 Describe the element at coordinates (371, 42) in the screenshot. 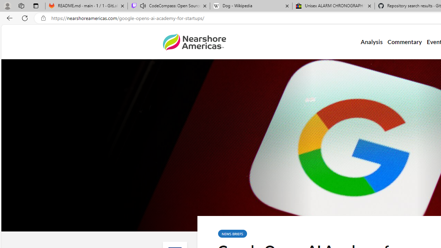

I see `'Analysis'` at that location.